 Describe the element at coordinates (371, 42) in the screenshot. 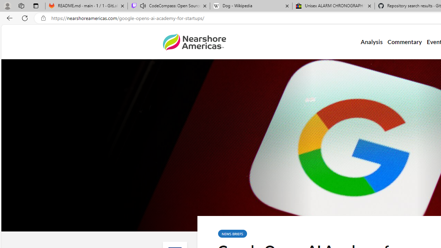

I see `'Analysis'` at that location.